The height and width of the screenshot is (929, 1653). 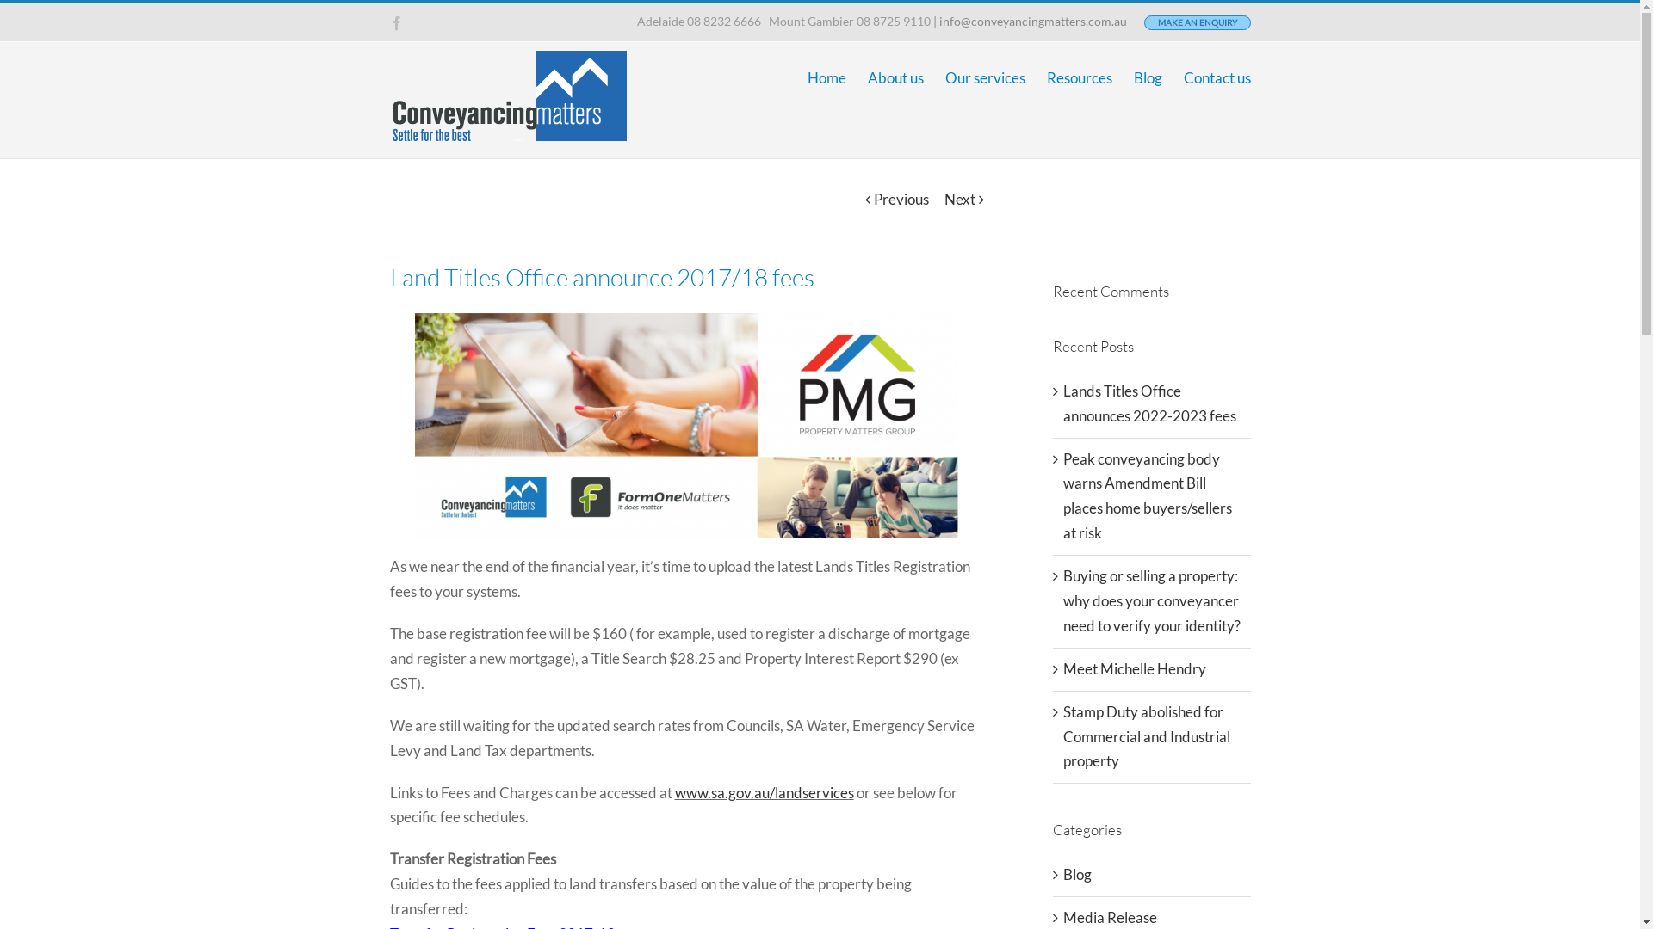 I want to click on 'About us', so click(x=868, y=77).